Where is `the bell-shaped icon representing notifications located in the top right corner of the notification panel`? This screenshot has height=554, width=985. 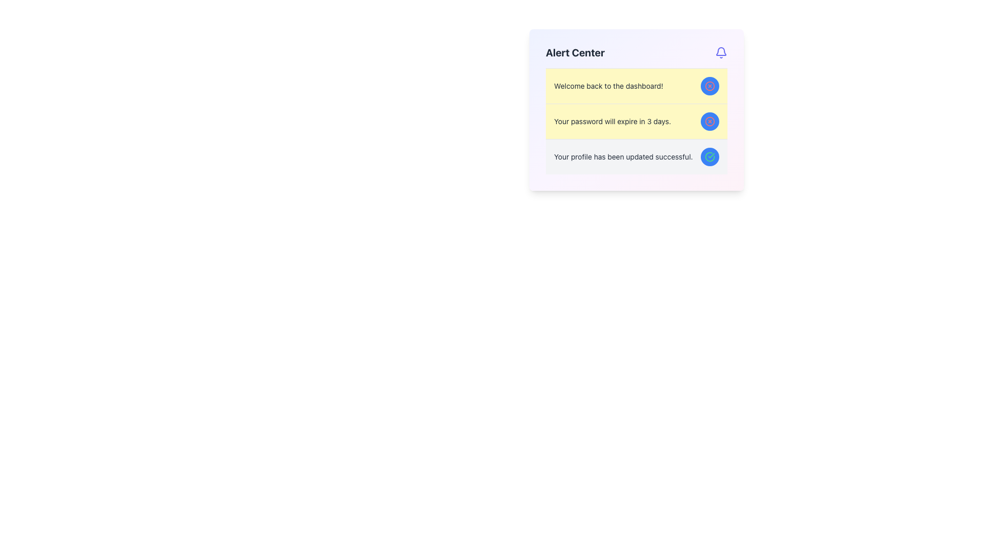 the bell-shaped icon representing notifications located in the top right corner of the notification panel is located at coordinates (721, 51).